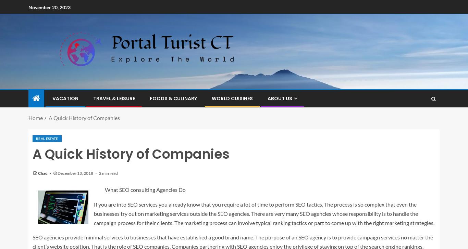  Describe the element at coordinates (145, 189) in the screenshot. I see `'What SEO consulting Agencies Do'` at that location.